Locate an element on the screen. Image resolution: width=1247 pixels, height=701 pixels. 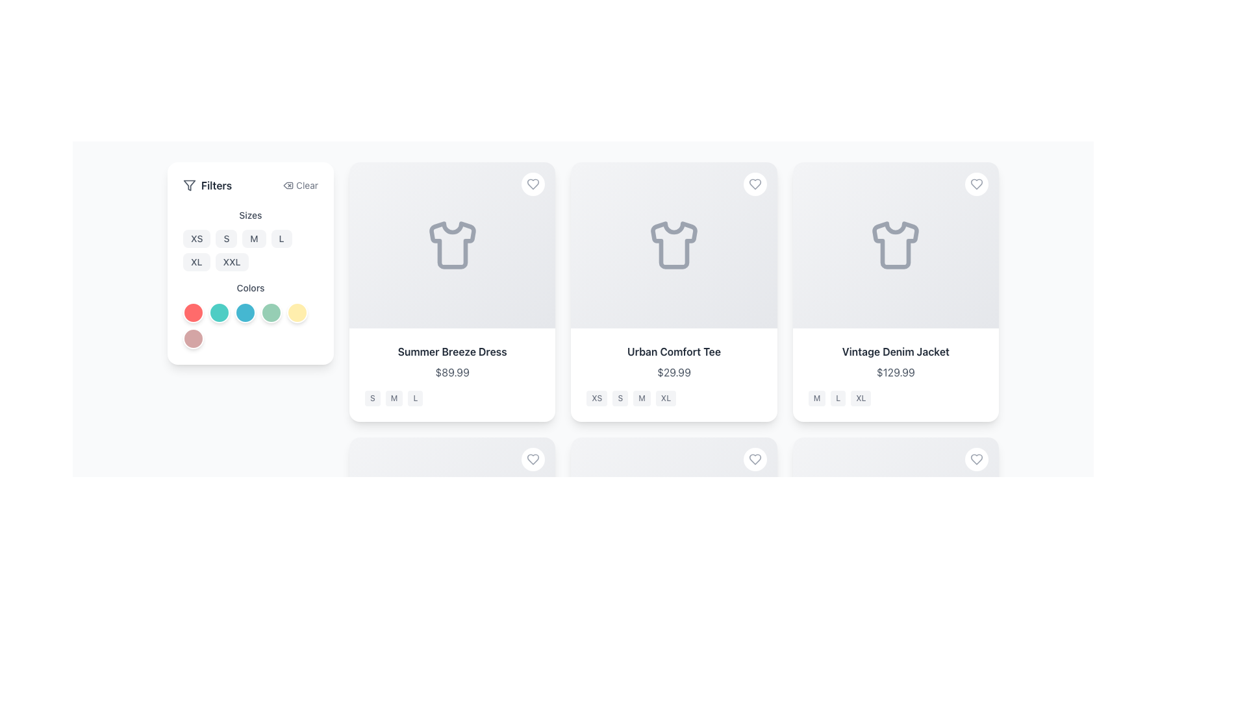
the heart icon within the circular button at the top-right corner of the 'Urban Comfort Tee' product card to favorite it is located at coordinates (755, 184).